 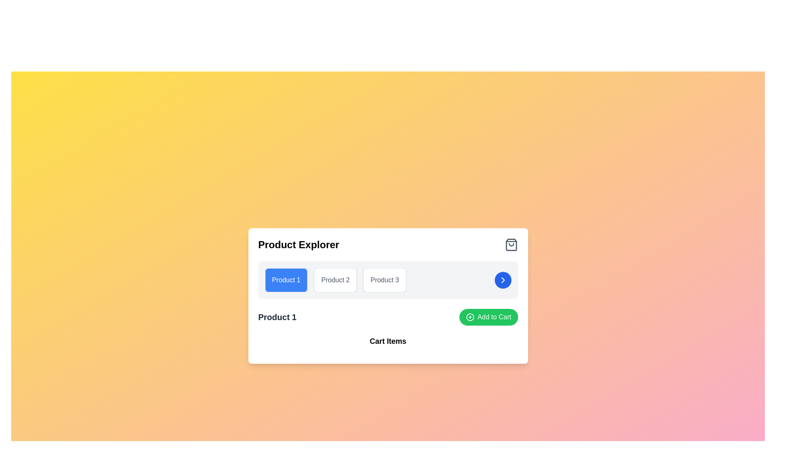 What do you see at coordinates (384, 280) in the screenshot?
I see `the label identifying an item or product in the 'Product Explorer' interface, located between the 'Product 1' button on the left and the 'Product 2' button on the right` at bounding box center [384, 280].